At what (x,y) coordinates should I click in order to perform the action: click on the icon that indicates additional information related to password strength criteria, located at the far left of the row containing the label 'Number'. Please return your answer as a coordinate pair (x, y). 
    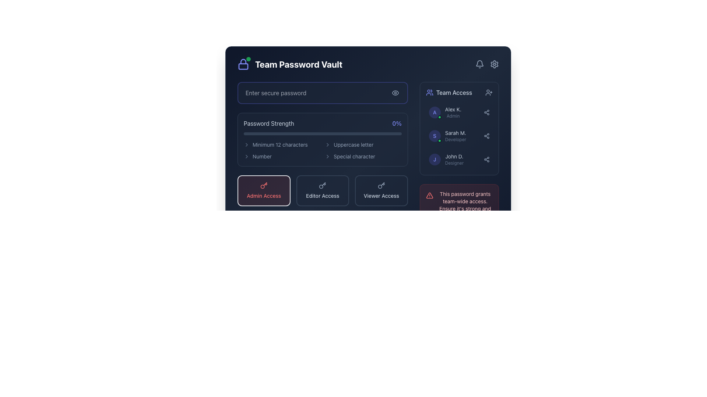
    Looking at the image, I should click on (247, 156).